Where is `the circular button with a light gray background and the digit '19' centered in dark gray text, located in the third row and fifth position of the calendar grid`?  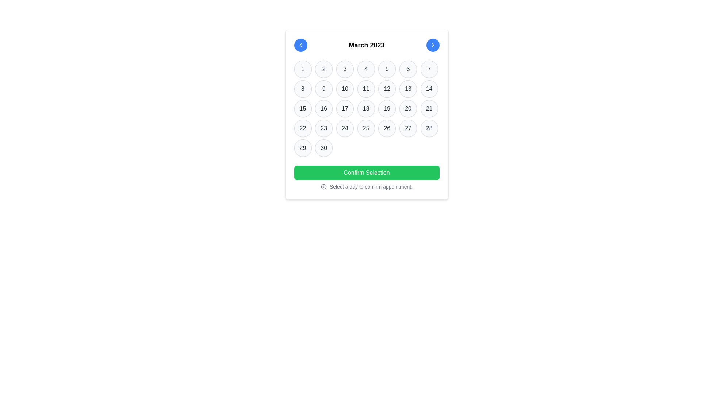 the circular button with a light gray background and the digit '19' centered in dark gray text, located in the third row and fifth position of the calendar grid is located at coordinates (387, 108).